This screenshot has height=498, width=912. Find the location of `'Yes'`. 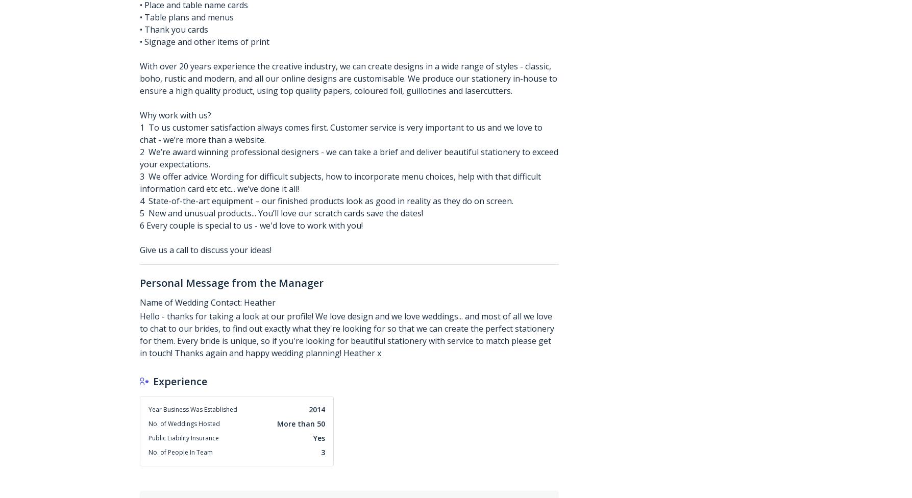

'Yes' is located at coordinates (312, 437).